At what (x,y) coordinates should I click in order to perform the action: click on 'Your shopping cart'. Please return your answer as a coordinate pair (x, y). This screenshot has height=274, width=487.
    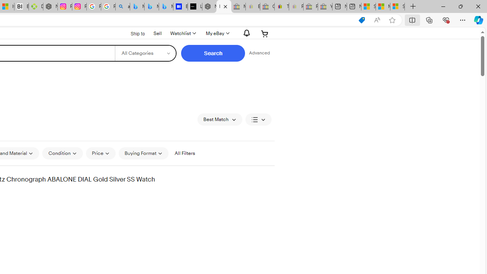
    Looking at the image, I should click on (265, 33).